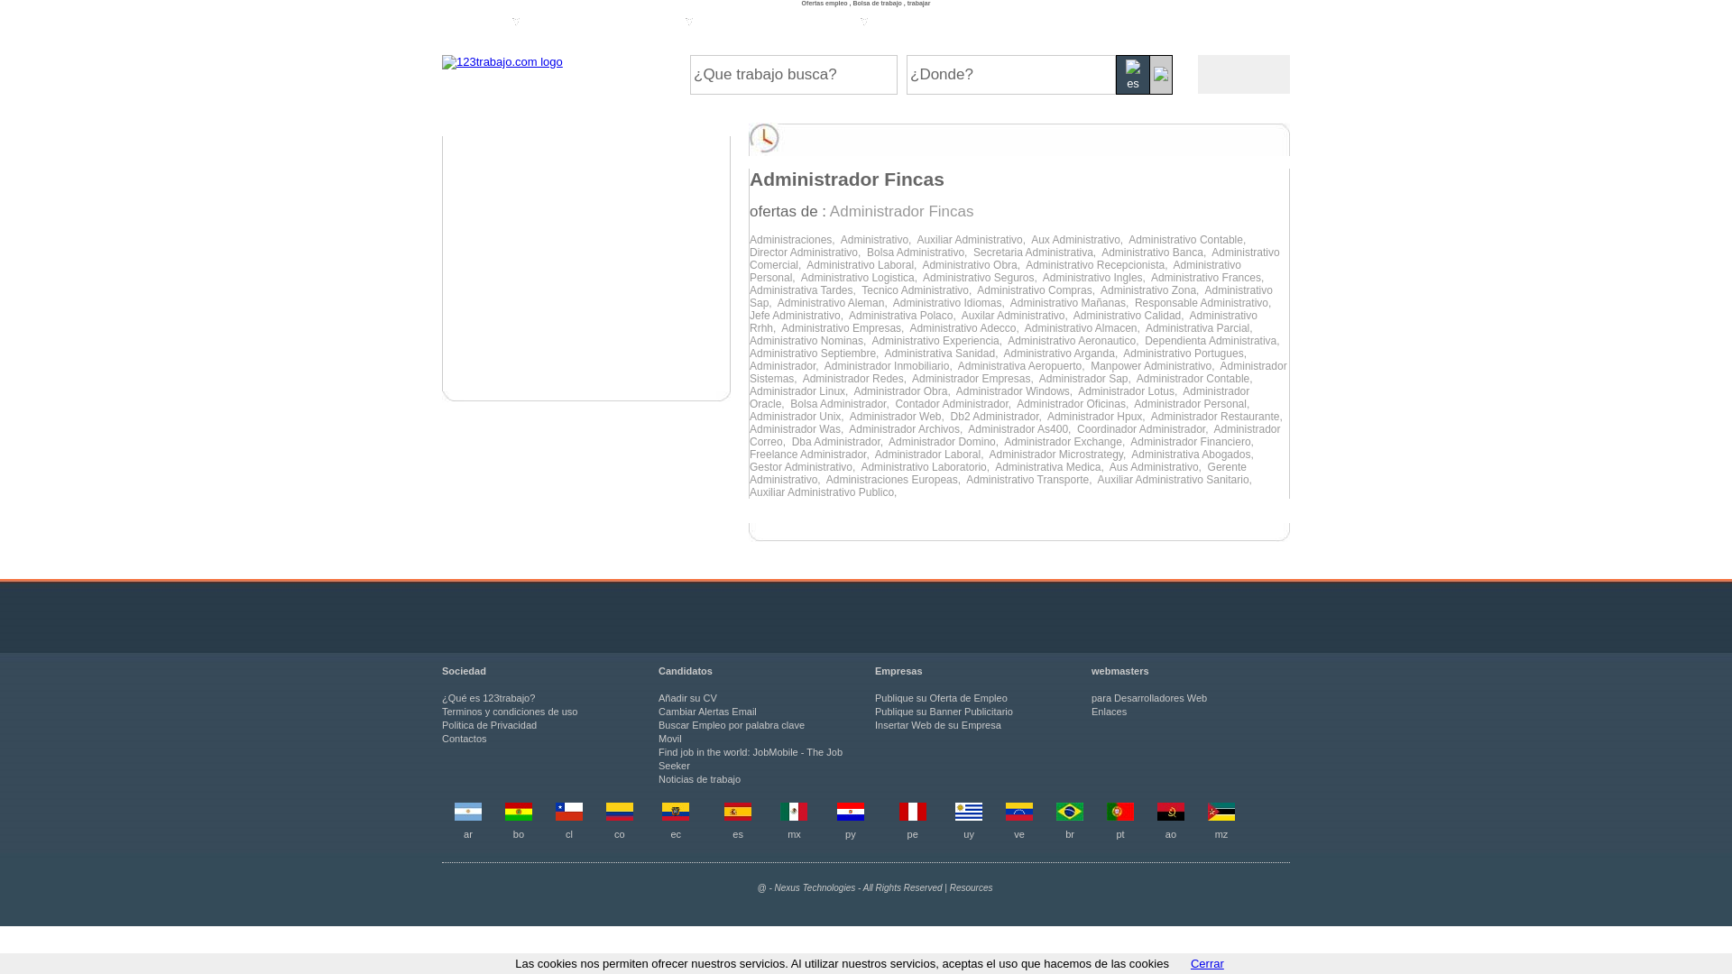 The width and height of the screenshot is (1732, 974). What do you see at coordinates (585, 268) in the screenshot?
I see `'Advertisement'` at bounding box center [585, 268].